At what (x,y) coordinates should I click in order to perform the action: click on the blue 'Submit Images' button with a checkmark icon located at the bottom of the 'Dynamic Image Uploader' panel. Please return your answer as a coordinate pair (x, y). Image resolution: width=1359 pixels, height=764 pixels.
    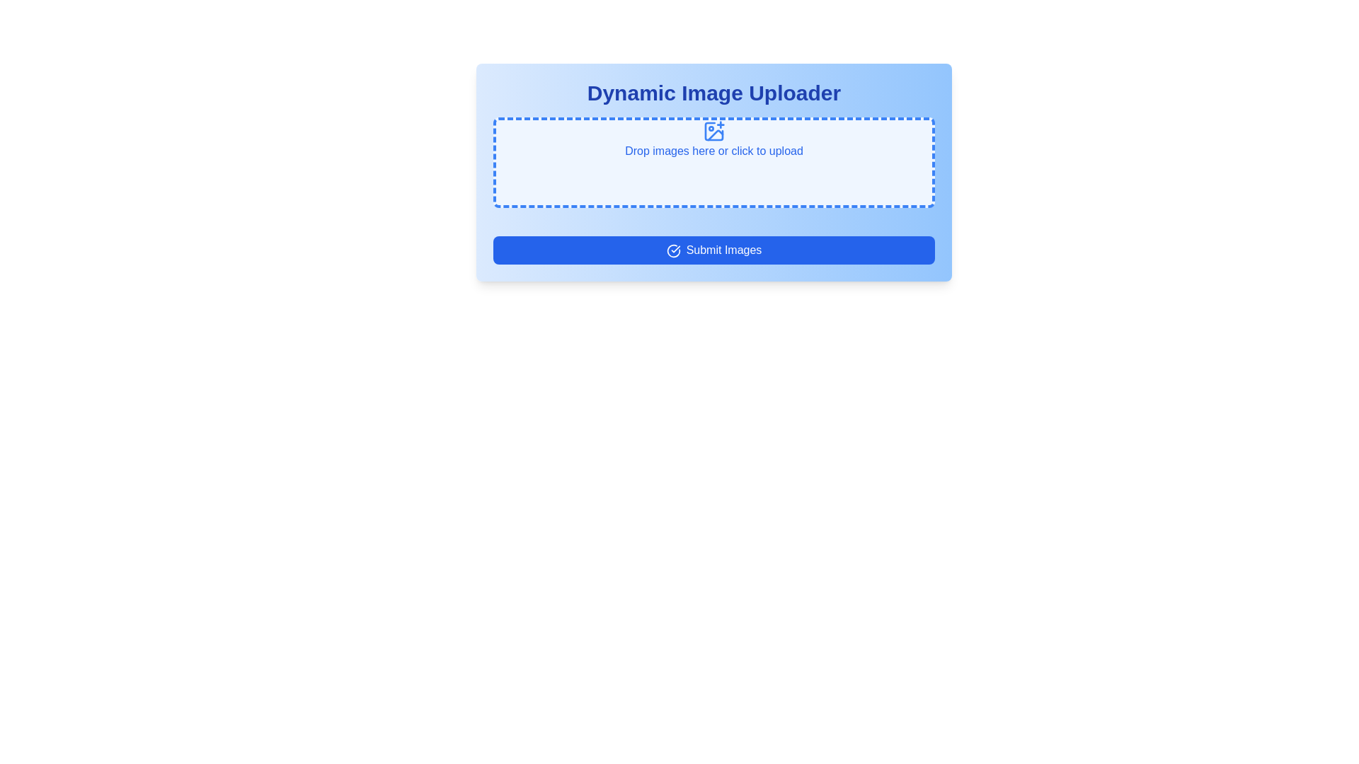
    Looking at the image, I should click on (713, 250).